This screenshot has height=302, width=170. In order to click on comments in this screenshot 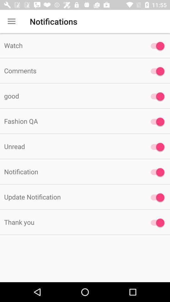, I will do `click(71, 70)`.